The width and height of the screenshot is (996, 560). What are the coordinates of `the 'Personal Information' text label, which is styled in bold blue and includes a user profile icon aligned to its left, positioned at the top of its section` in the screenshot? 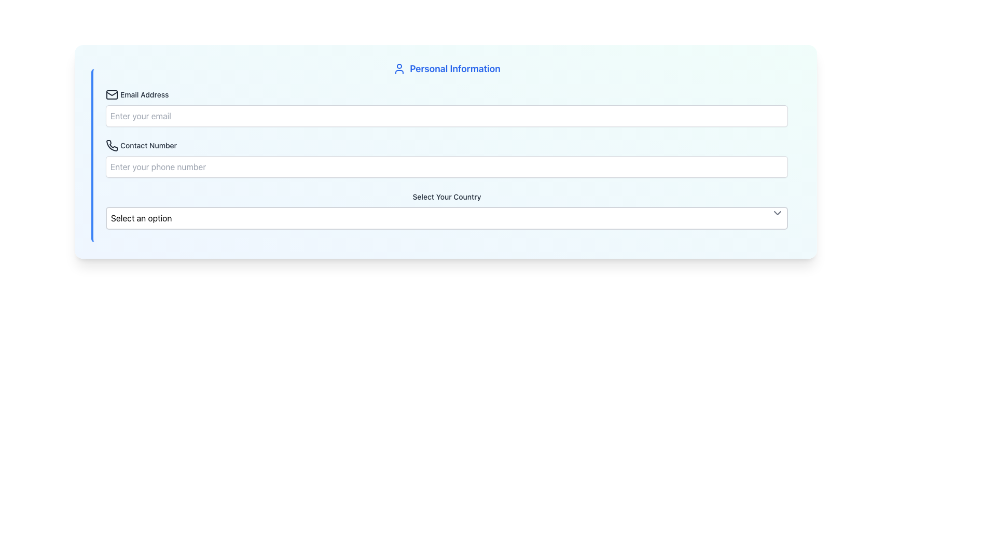 It's located at (447, 68).